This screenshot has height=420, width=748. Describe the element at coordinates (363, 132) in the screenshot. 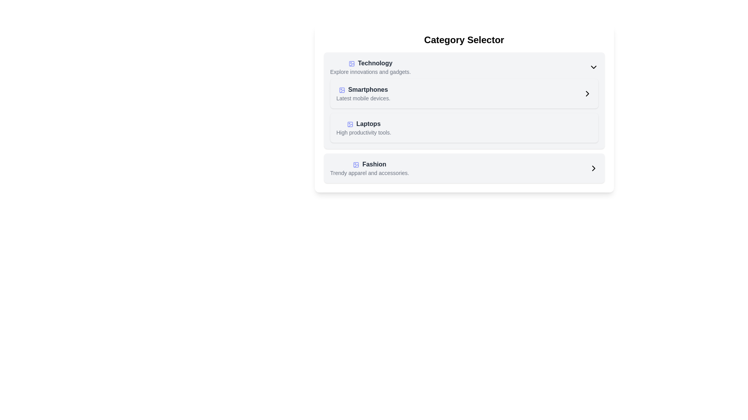

I see `the descriptive text label positioned below the 'Laptops' main text, which provides additional details for the 'Laptops' category` at that location.